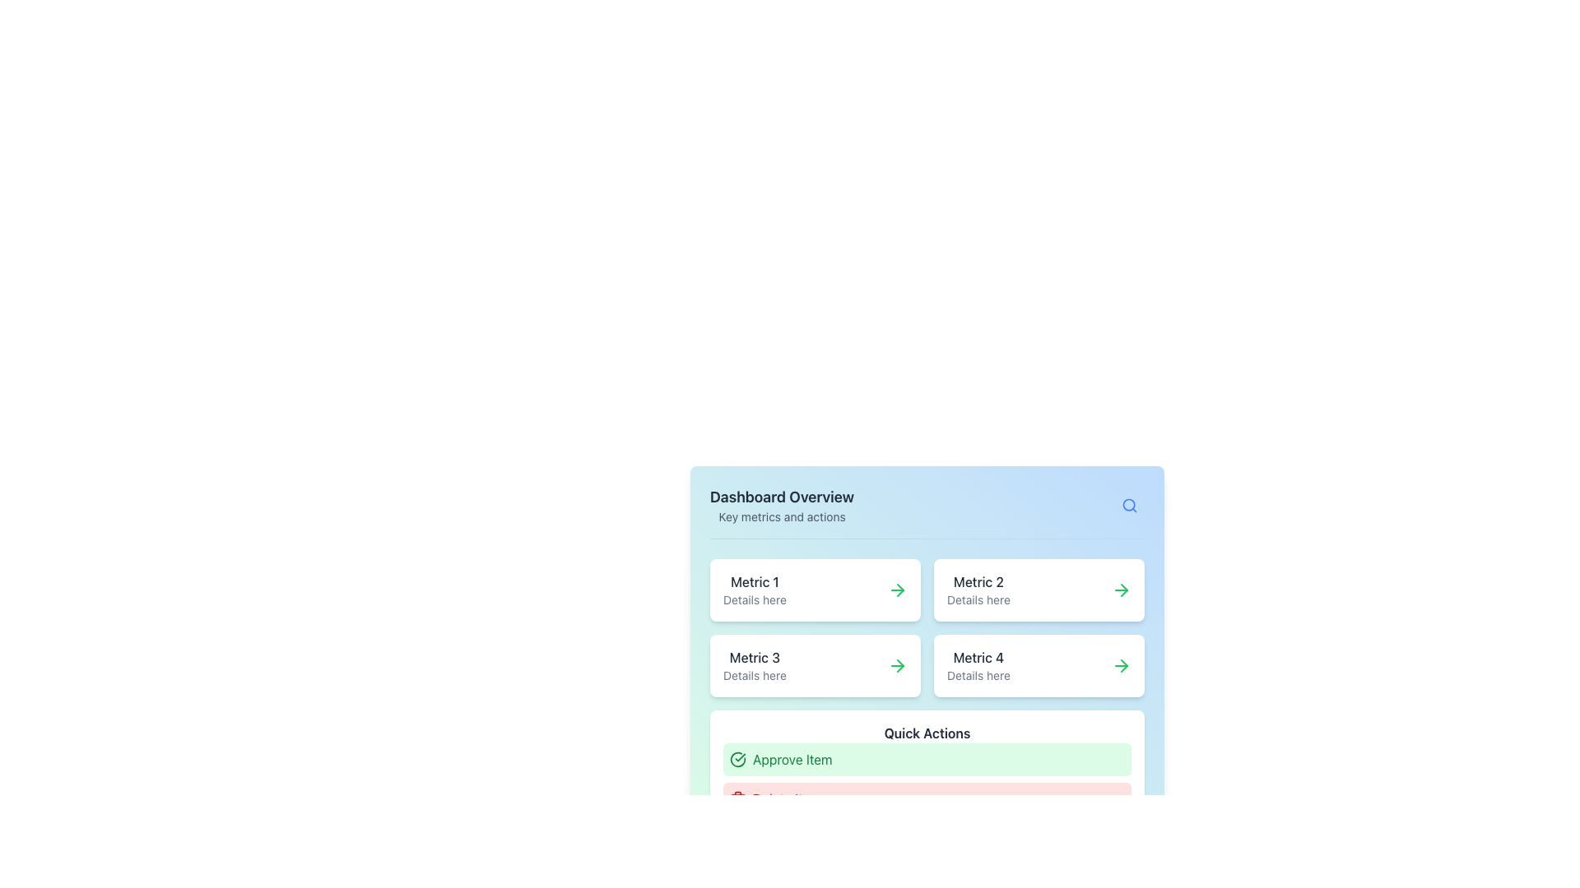 Image resolution: width=1580 pixels, height=888 pixels. Describe the element at coordinates (896, 666) in the screenshot. I see `the small green rightward arrow icon located at the end of the 'Metric 3' card in the dashboard layout` at that location.